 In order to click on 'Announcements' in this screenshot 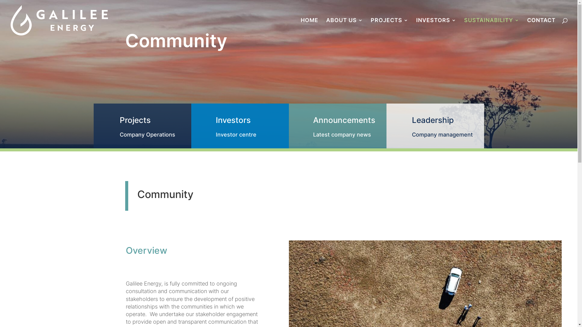, I will do `click(344, 120)`.